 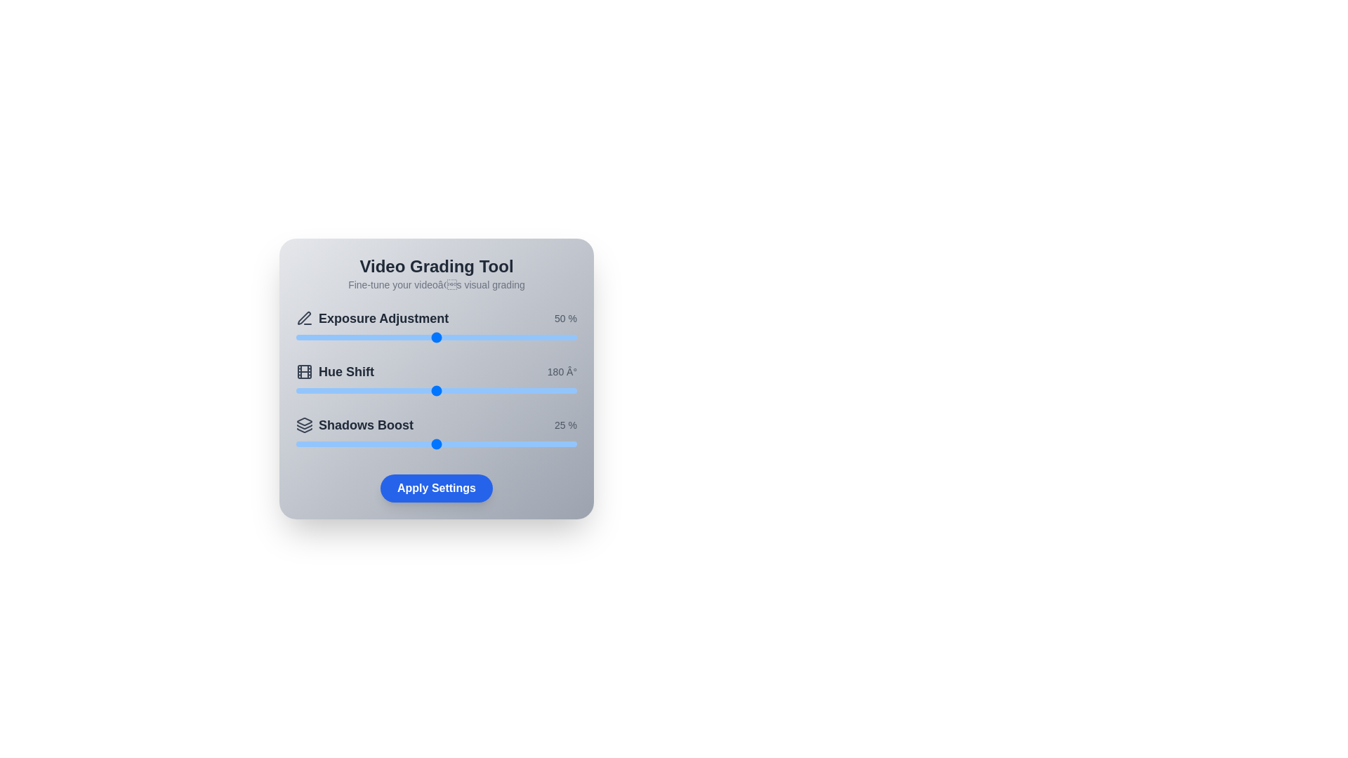 What do you see at coordinates (303, 319) in the screenshot?
I see `the pen icon styled as an edit symbol, which is grayish in hue and located to the left of the 'Exposure Adjustment' text in the first row of the interactive list` at bounding box center [303, 319].